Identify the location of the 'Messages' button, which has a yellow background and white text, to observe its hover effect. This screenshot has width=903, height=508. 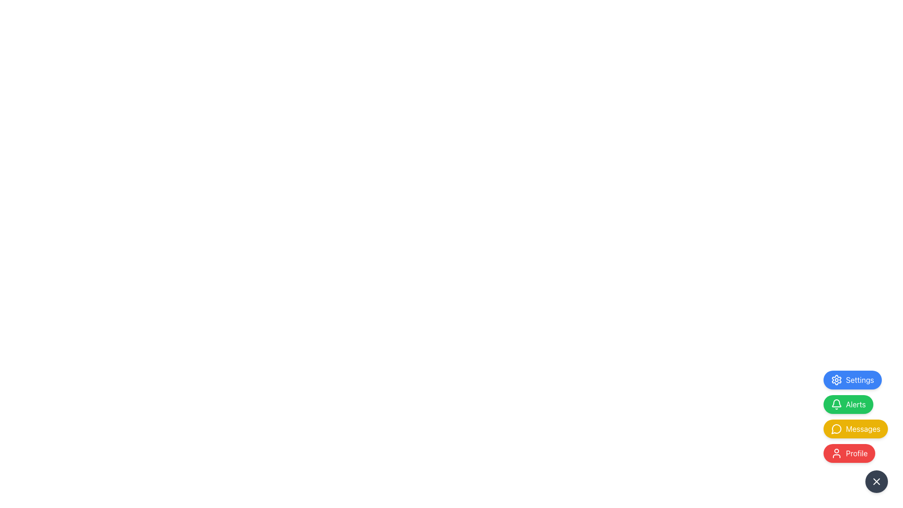
(855, 432).